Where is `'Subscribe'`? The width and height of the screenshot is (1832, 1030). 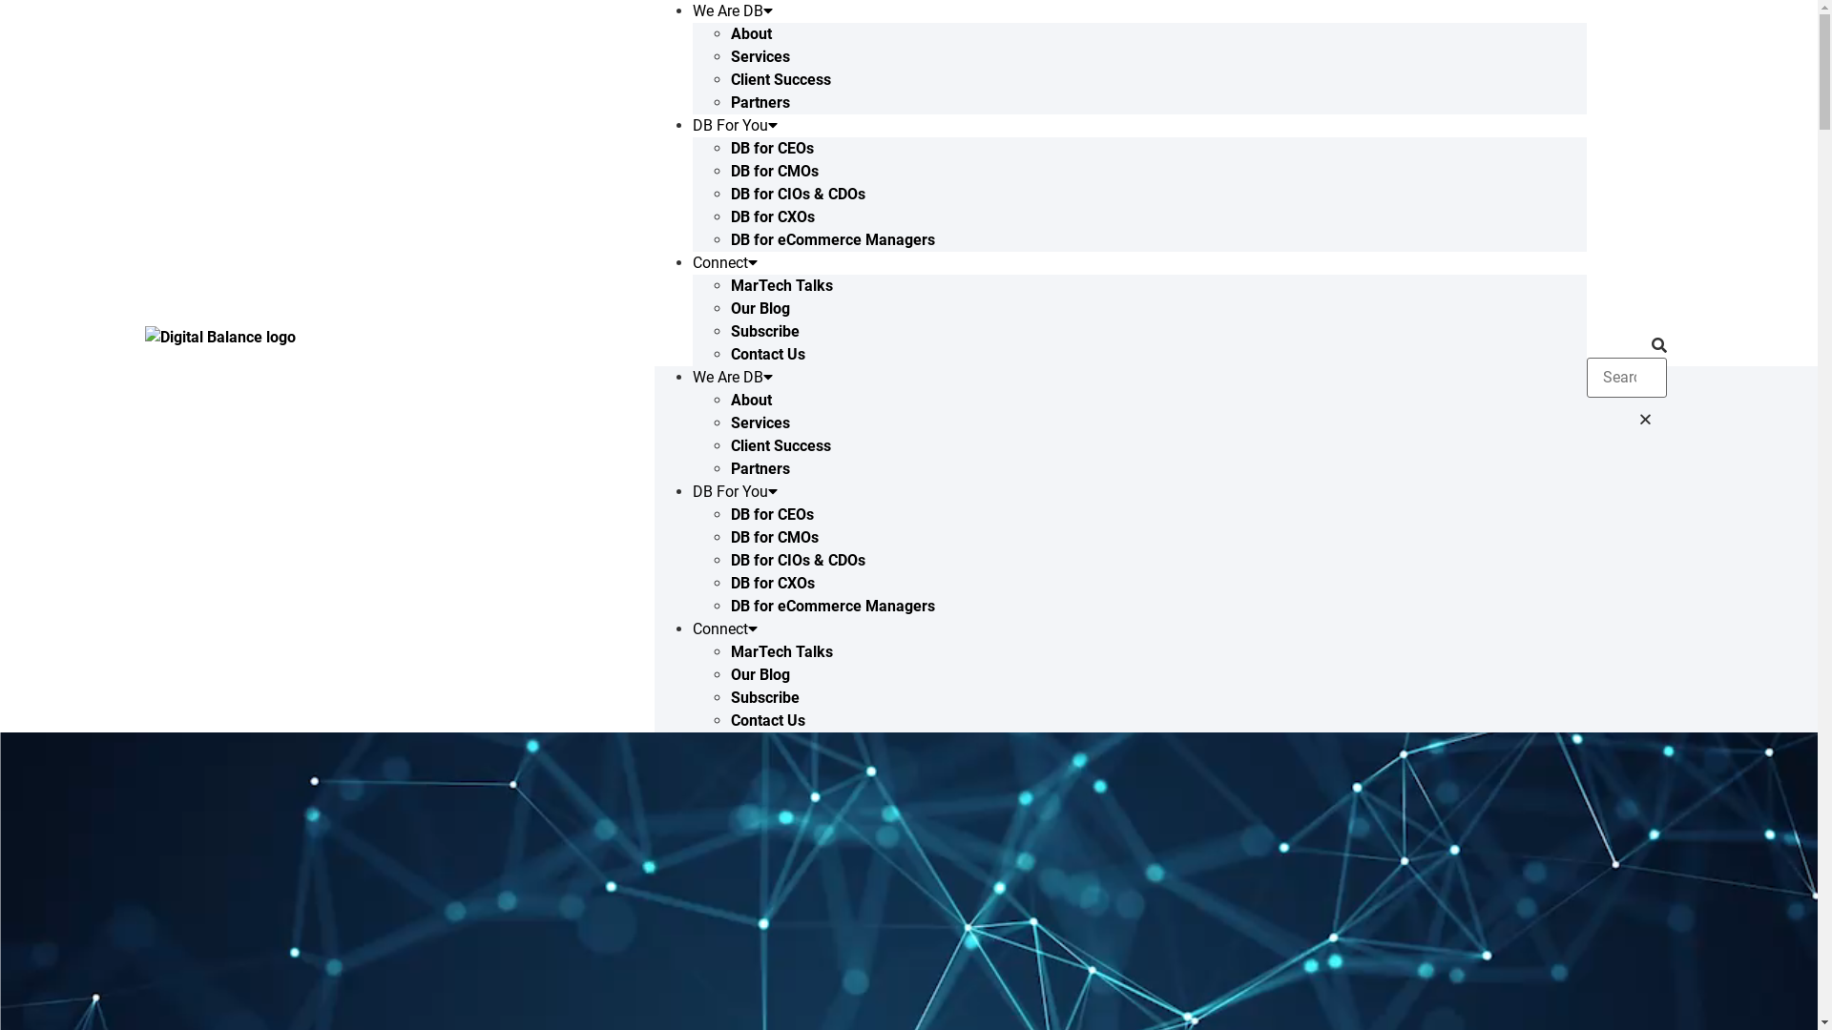
'Subscribe' is located at coordinates (764, 330).